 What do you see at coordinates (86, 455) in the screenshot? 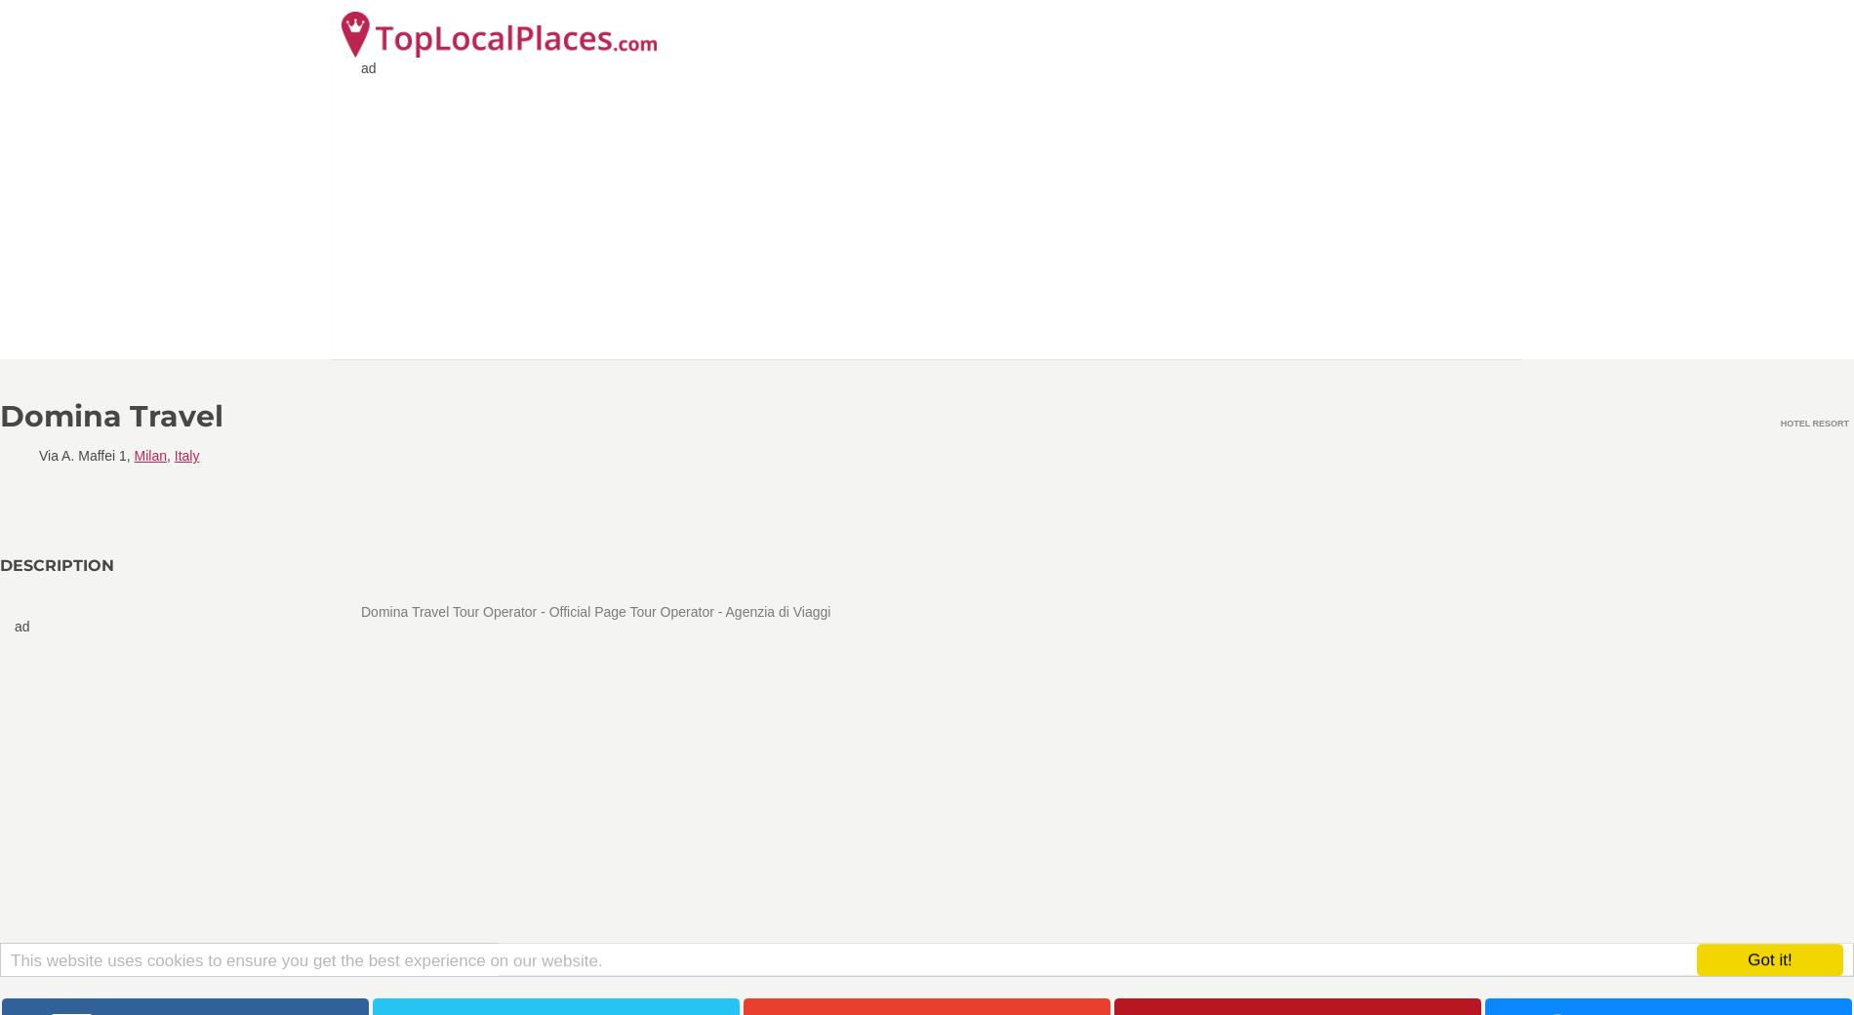
I see `'Via A. Maffei 1,'` at bounding box center [86, 455].